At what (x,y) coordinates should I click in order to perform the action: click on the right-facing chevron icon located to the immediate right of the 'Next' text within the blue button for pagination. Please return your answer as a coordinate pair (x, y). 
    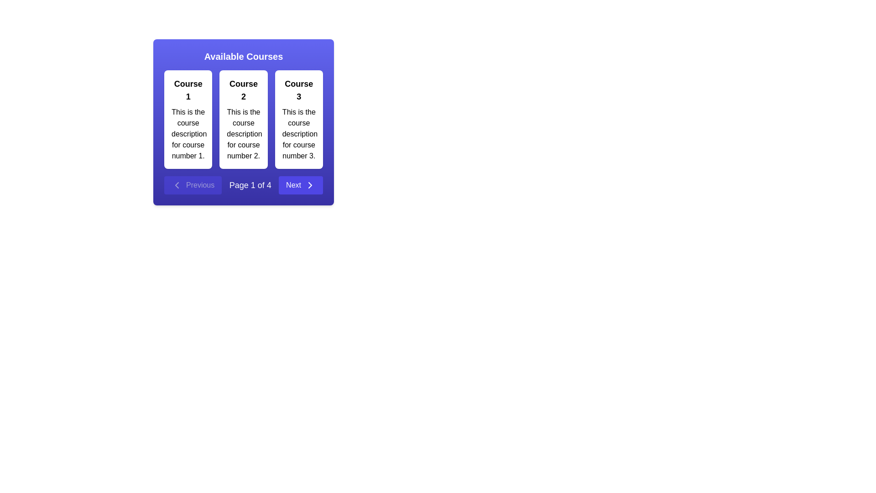
    Looking at the image, I should click on (310, 185).